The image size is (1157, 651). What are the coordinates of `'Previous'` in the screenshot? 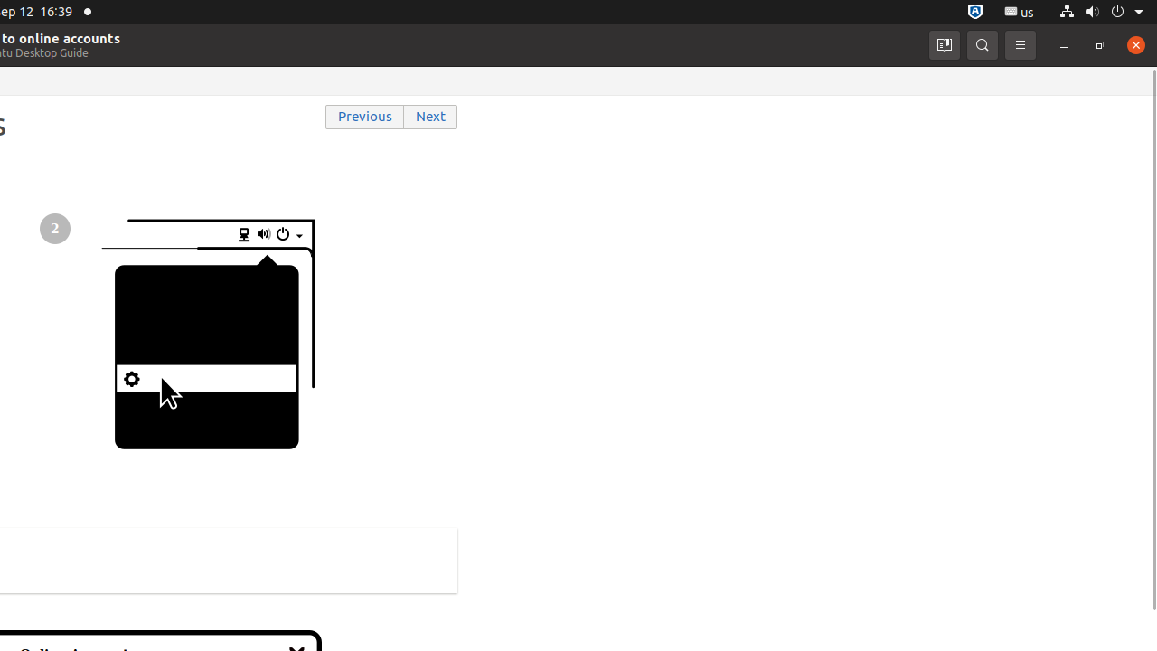 It's located at (363, 117).